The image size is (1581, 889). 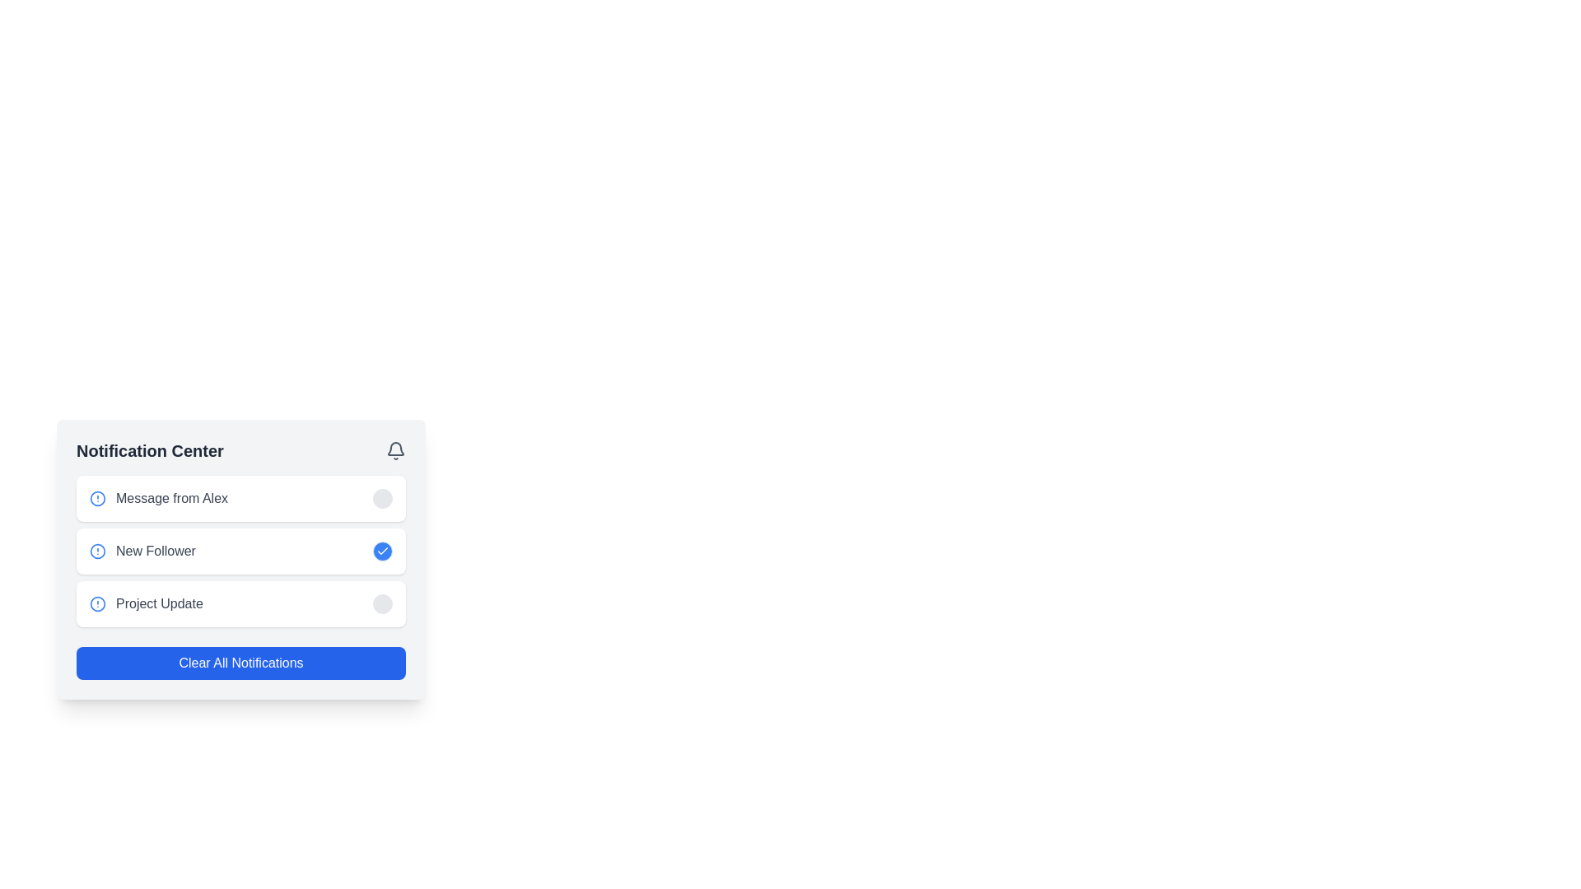 What do you see at coordinates (159, 603) in the screenshot?
I see `text label styled in gray that reads 'Project Update', which is the third notification item in the Notification Center` at bounding box center [159, 603].